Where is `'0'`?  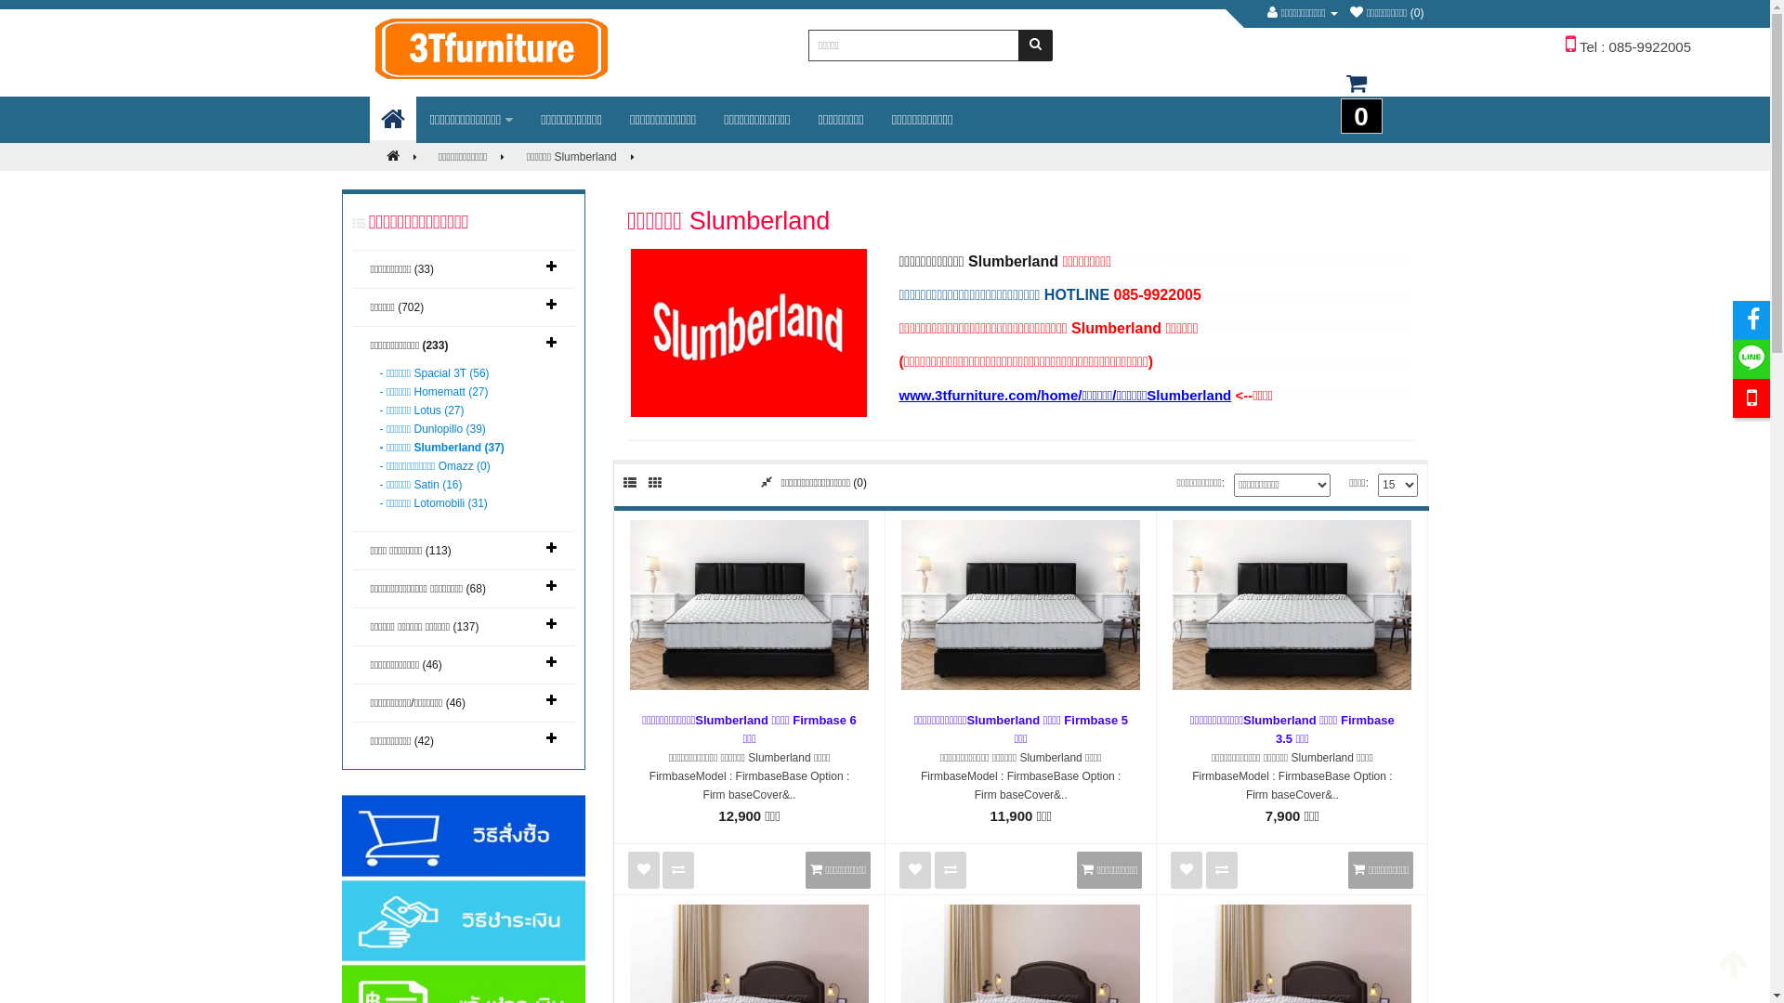
'0' is located at coordinates (1315, 93).